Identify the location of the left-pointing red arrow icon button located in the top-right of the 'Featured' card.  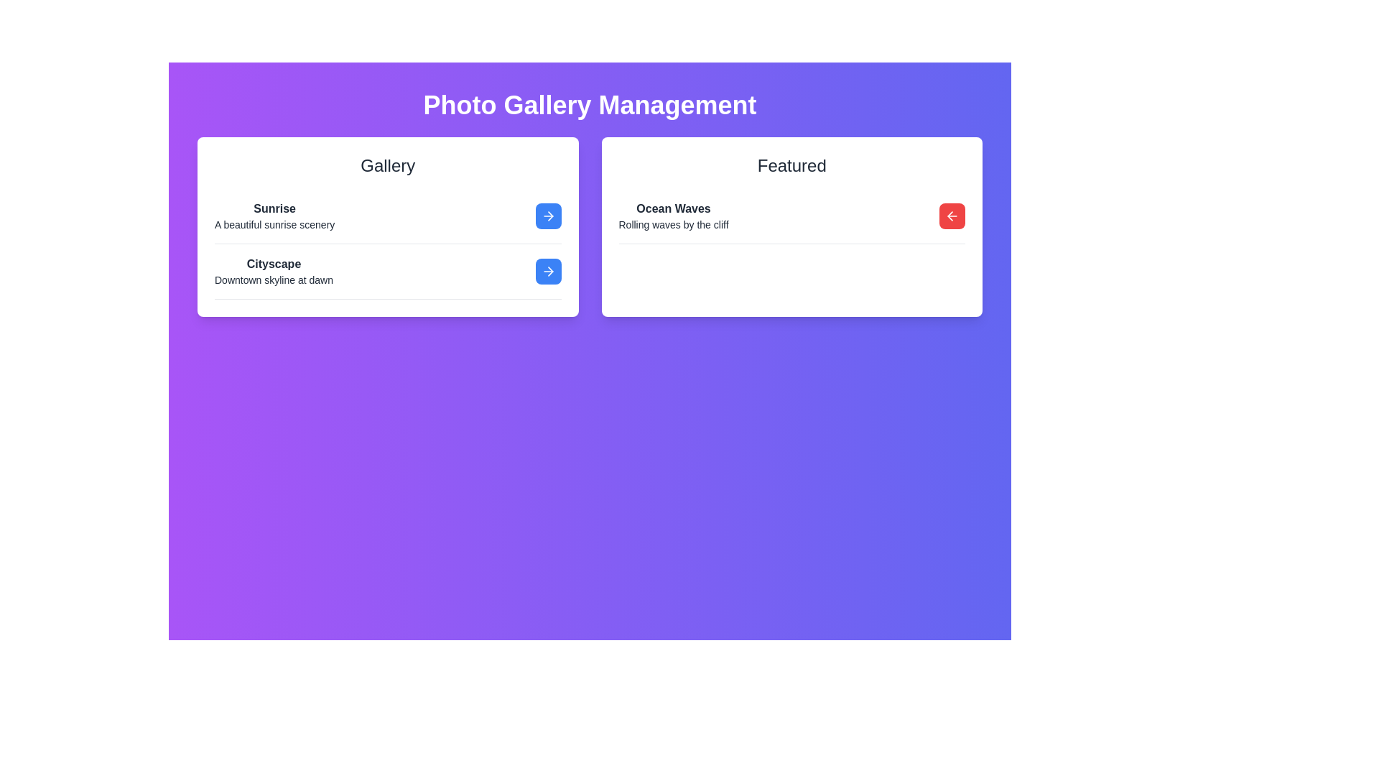
(952, 216).